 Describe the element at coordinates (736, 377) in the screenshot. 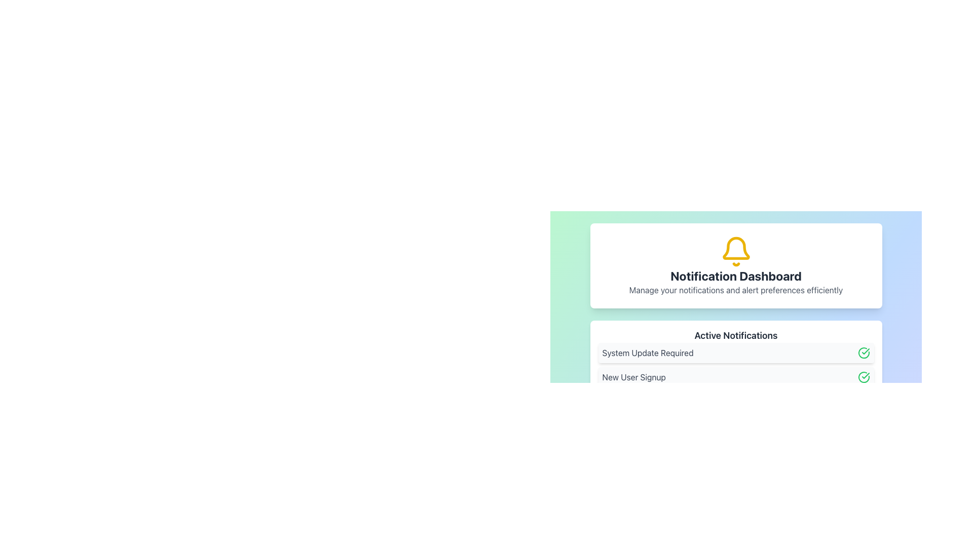

I see `the second notification item in the 'Active Notifications' panel, which conveys the completion status of a 'New User Signup' action` at that location.